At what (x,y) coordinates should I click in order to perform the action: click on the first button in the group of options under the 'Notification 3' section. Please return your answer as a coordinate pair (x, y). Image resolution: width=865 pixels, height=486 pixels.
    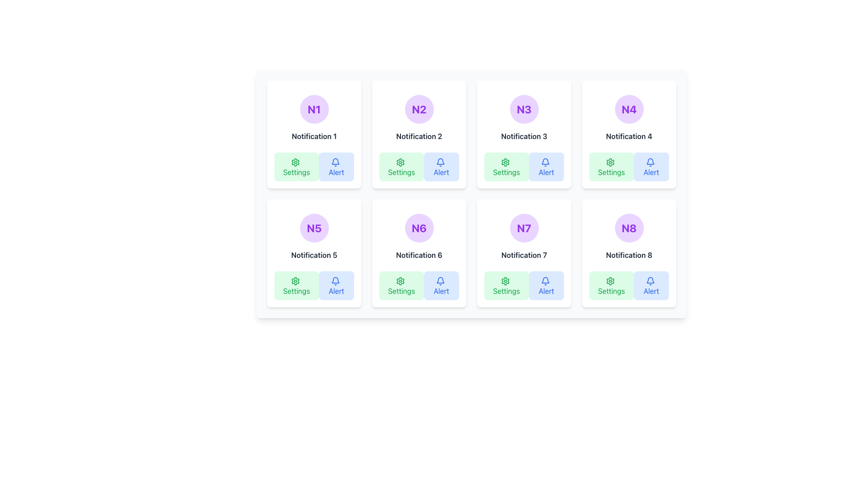
    Looking at the image, I should click on (506, 166).